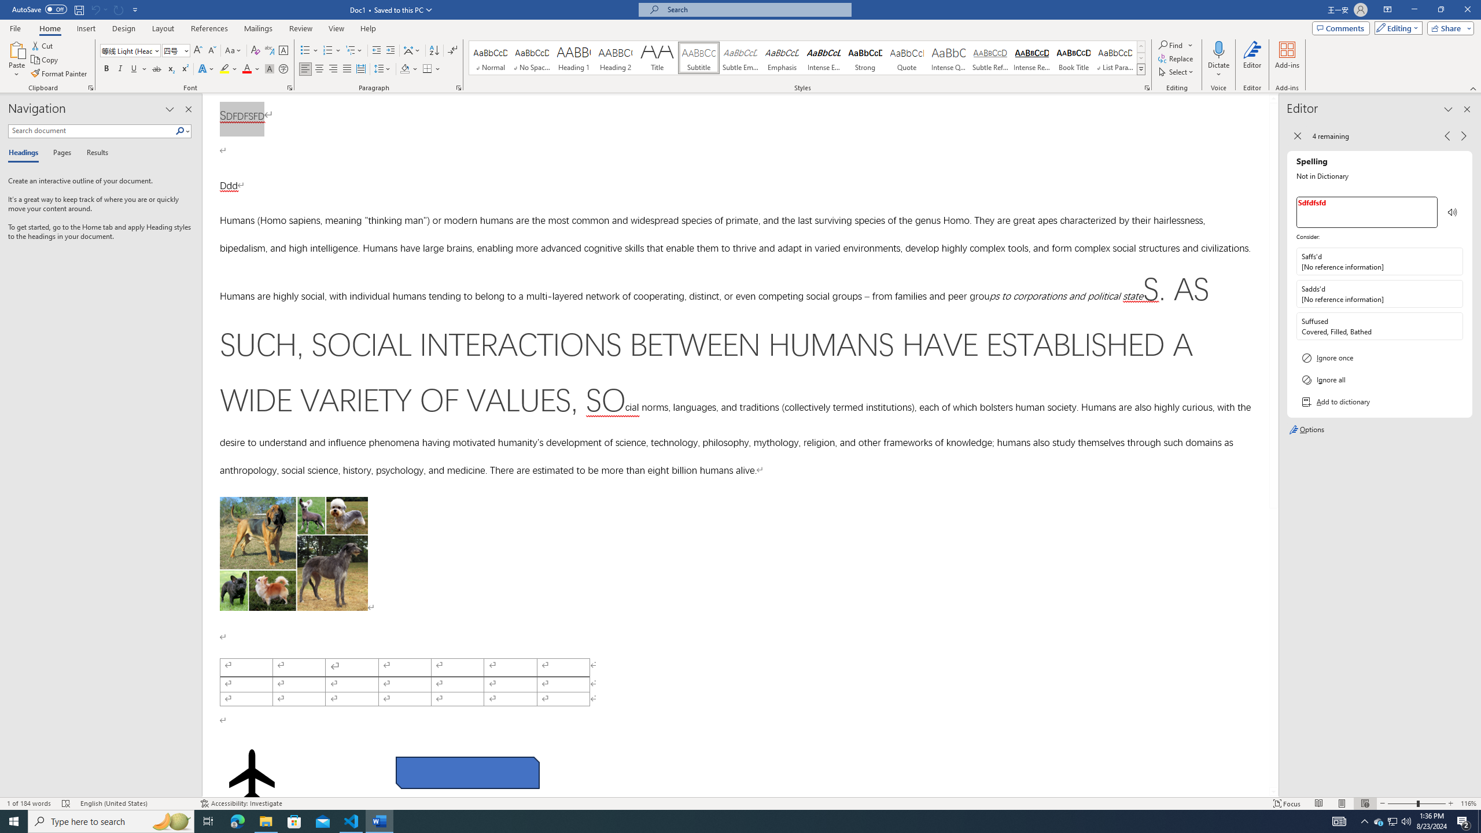 This screenshot has height=833, width=1481. I want to click on 'Show/Hide Editing Marks', so click(452, 50).